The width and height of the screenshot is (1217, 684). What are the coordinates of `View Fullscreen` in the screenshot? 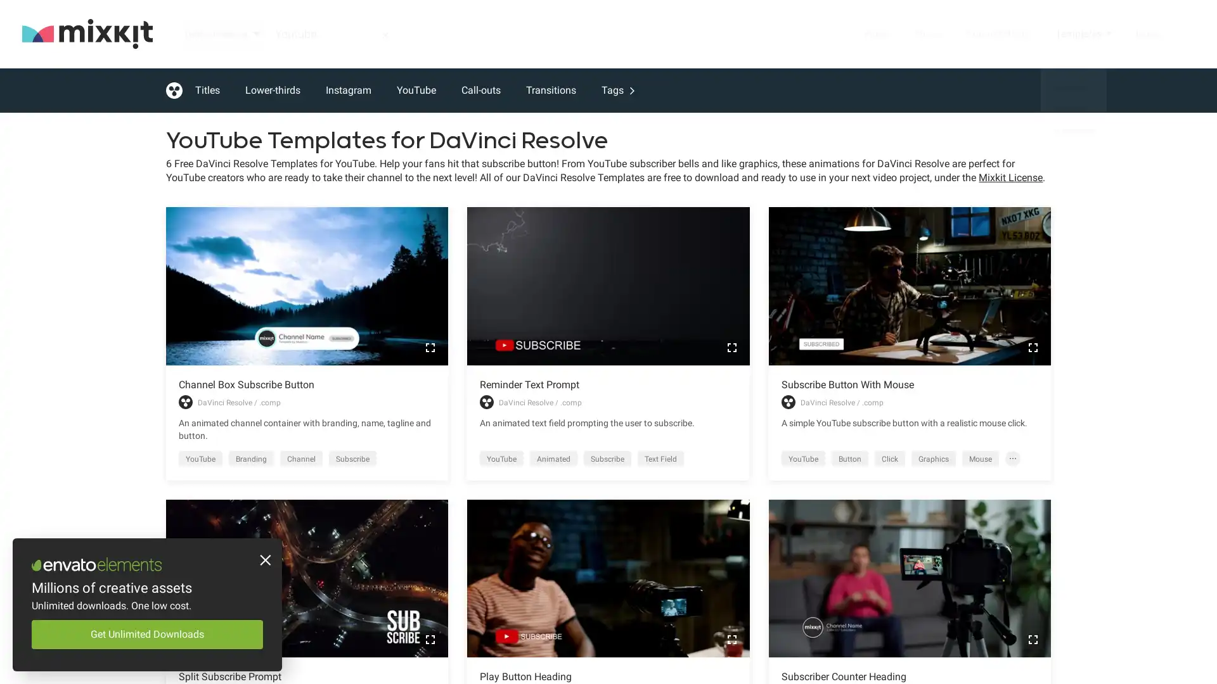 It's located at (430, 346).